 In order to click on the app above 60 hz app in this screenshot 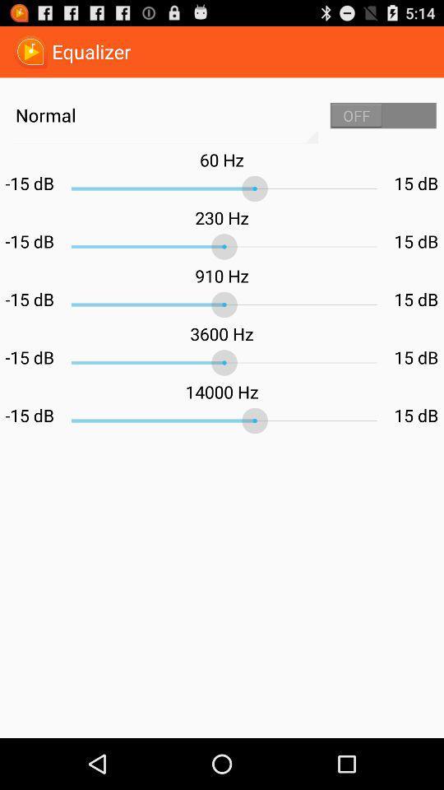, I will do `click(383, 114)`.